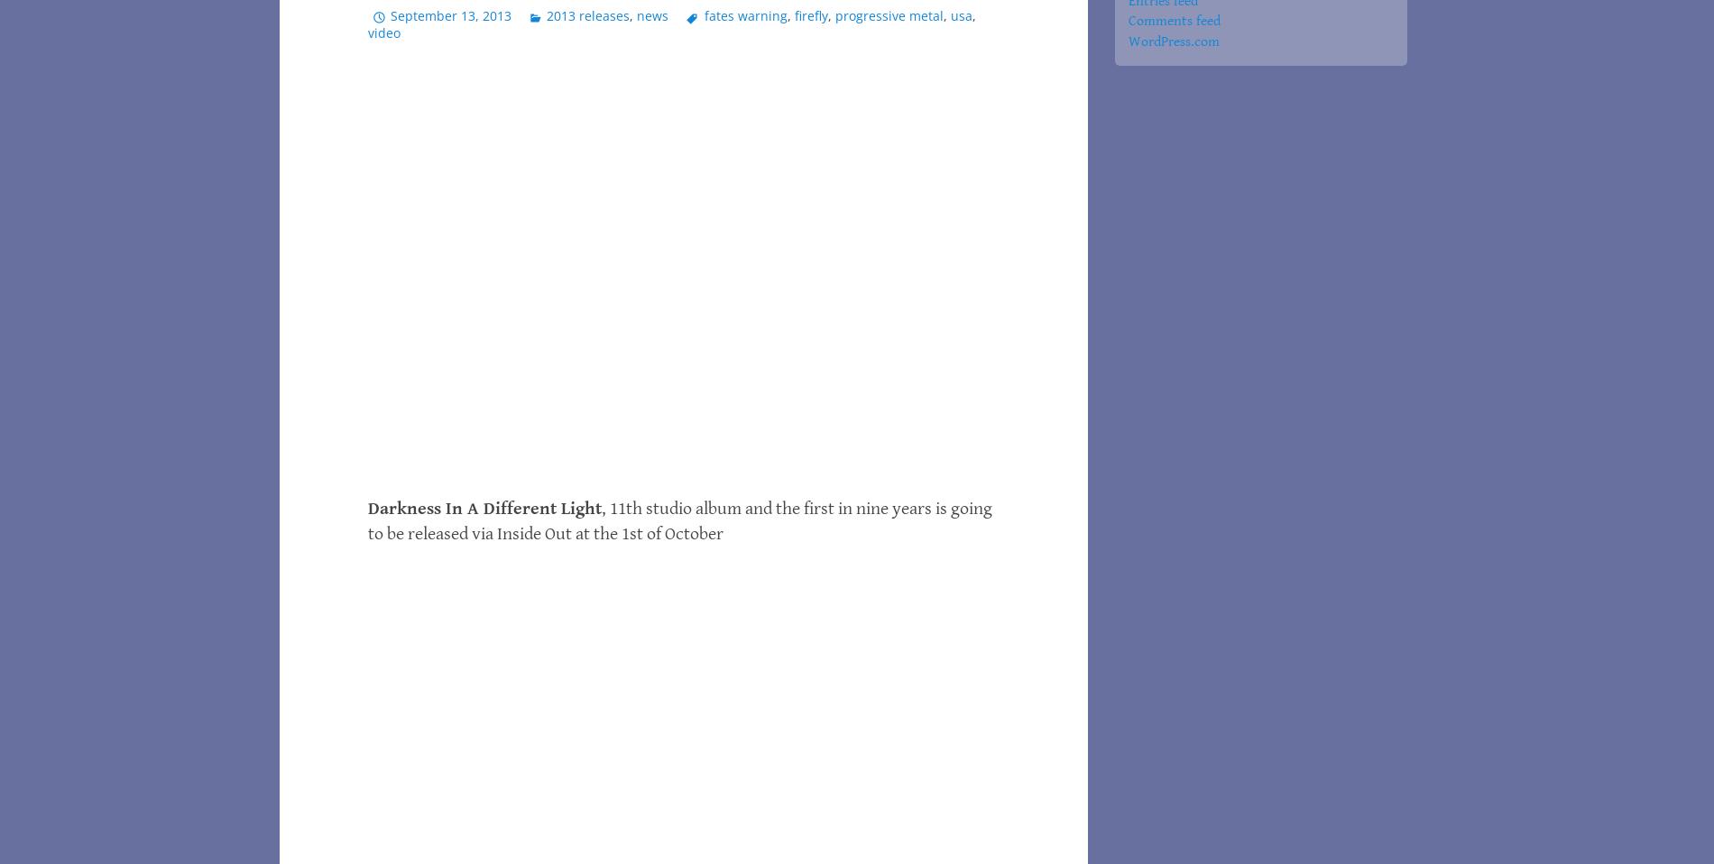 The image size is (1714, 864). What do you see at coordinates (484, 509) in the screenshot?
I see `'Darkness In A Different Light'` at bounding box center [484, 509].